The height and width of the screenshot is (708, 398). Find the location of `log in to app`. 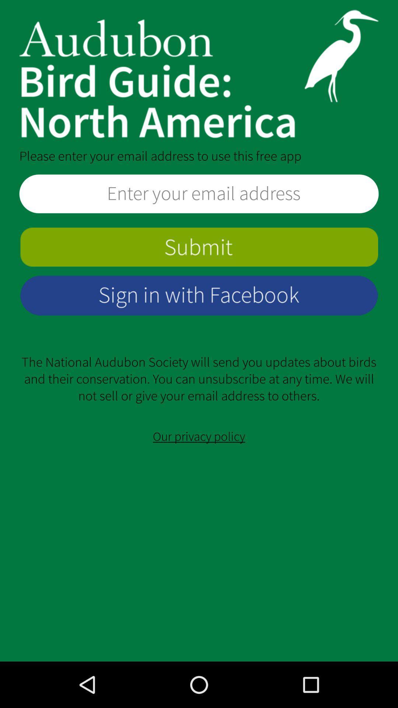

log in to app is located at coordinates (199, 295).